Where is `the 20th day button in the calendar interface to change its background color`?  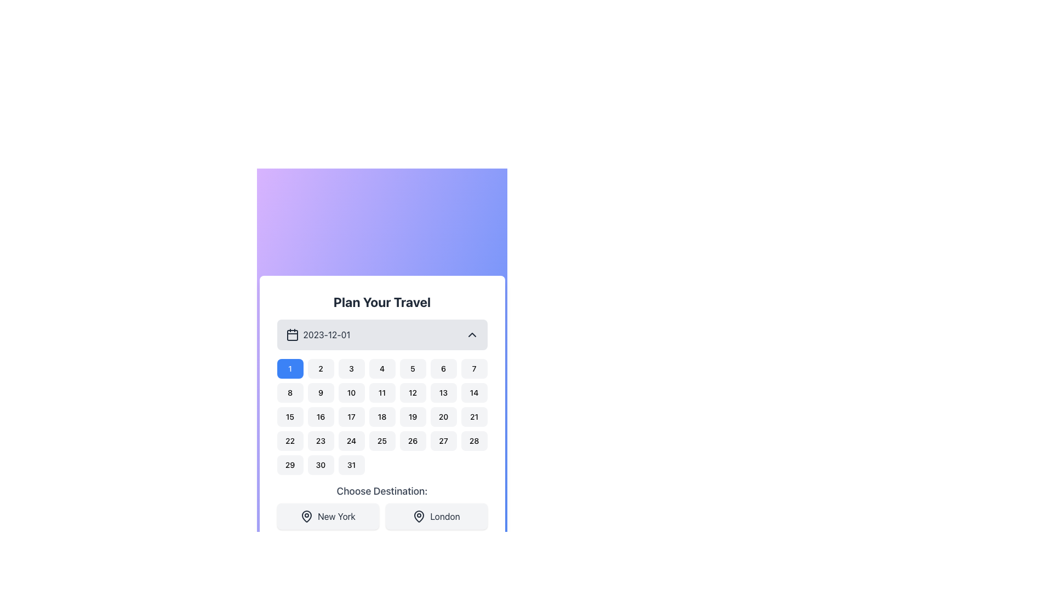
the 20th day button in the calendar interface to change its background color is located at coordinates (443, 417).